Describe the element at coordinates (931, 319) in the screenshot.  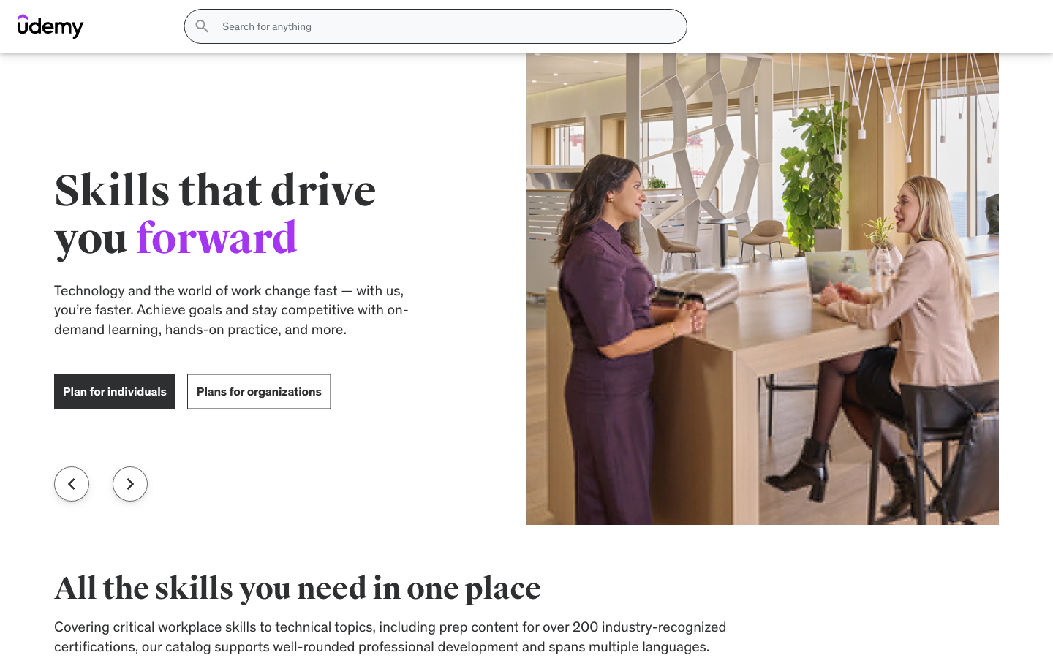
I see `Determine the appropriate clothing size to purchase` at that location.